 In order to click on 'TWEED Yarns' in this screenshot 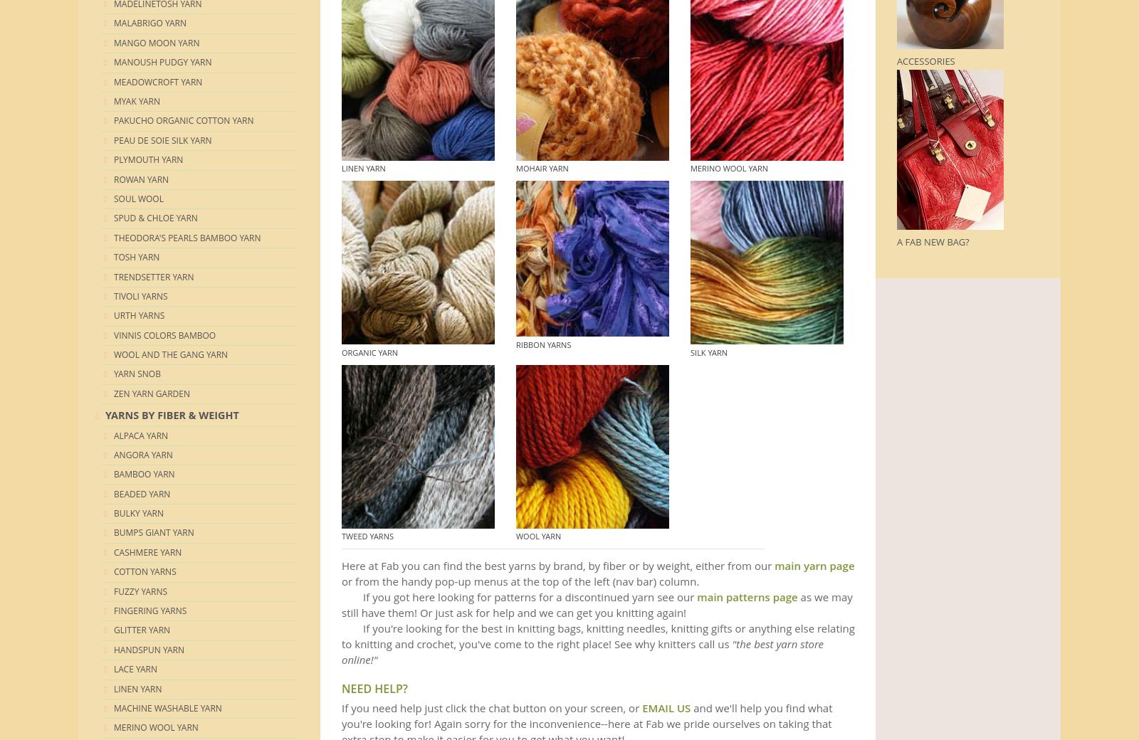, I will do `click(367, 536)`.